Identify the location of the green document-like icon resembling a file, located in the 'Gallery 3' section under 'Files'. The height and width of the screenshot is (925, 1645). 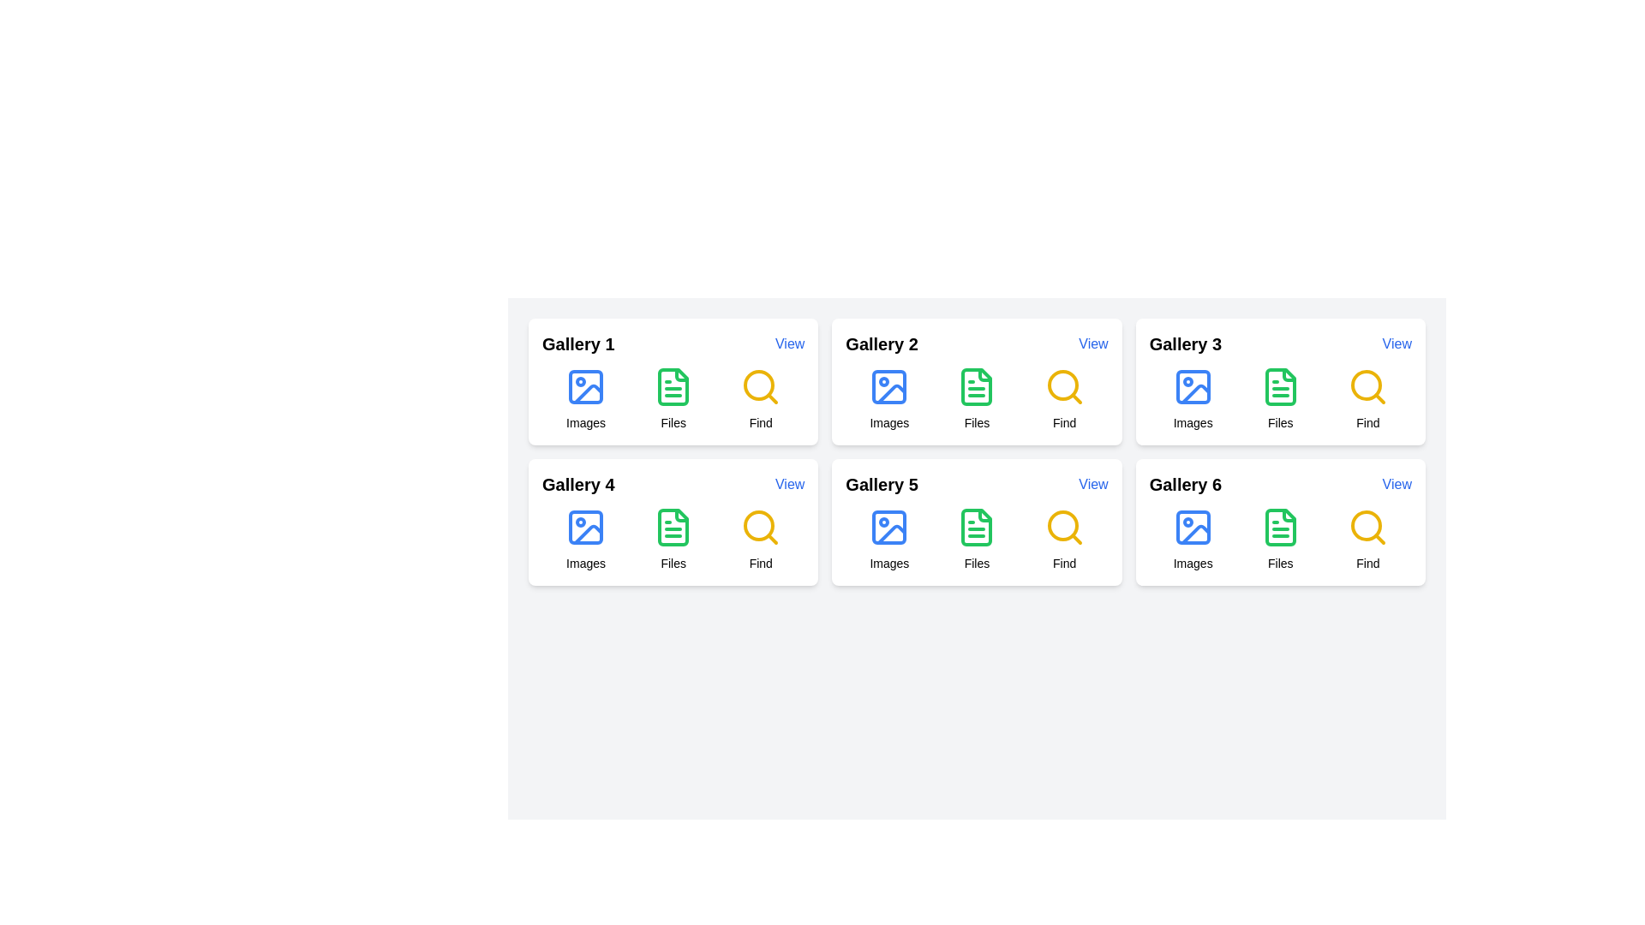
(1280, 386).